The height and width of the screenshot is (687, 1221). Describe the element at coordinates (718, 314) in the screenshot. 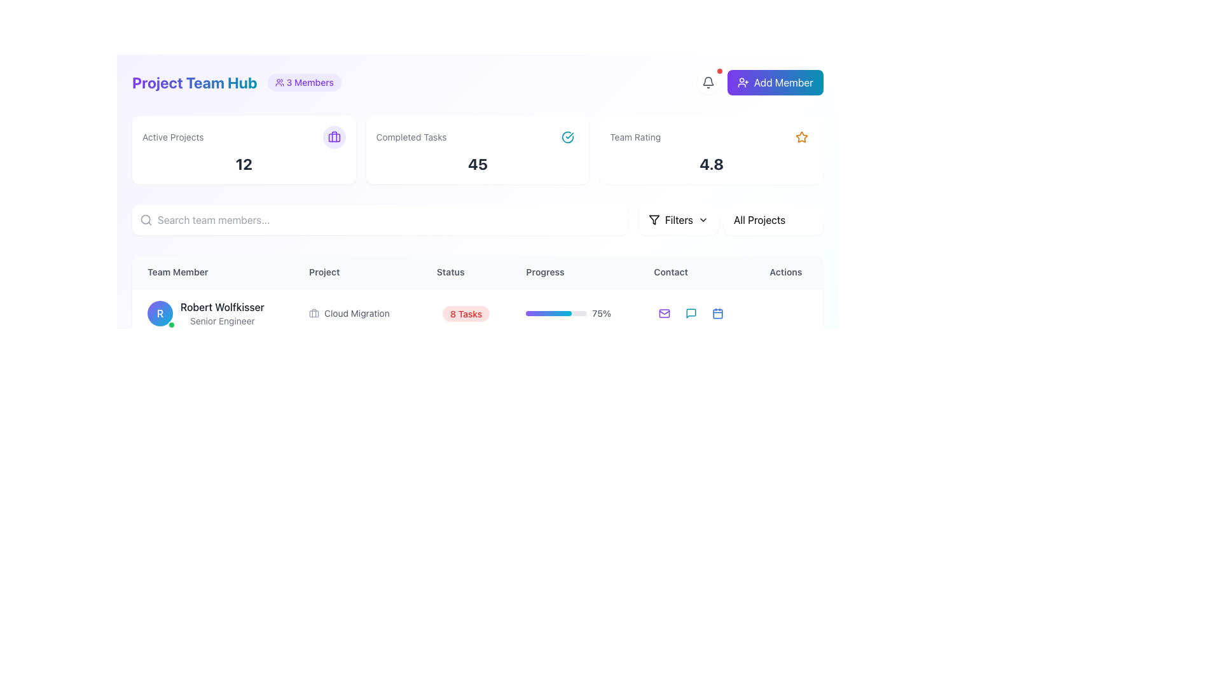

I see `the blue calendar icon with a rounded square outline located in the 'Actions' column of the table, in the last cell of the row for 'Robert Wolfkisser'` at that location.